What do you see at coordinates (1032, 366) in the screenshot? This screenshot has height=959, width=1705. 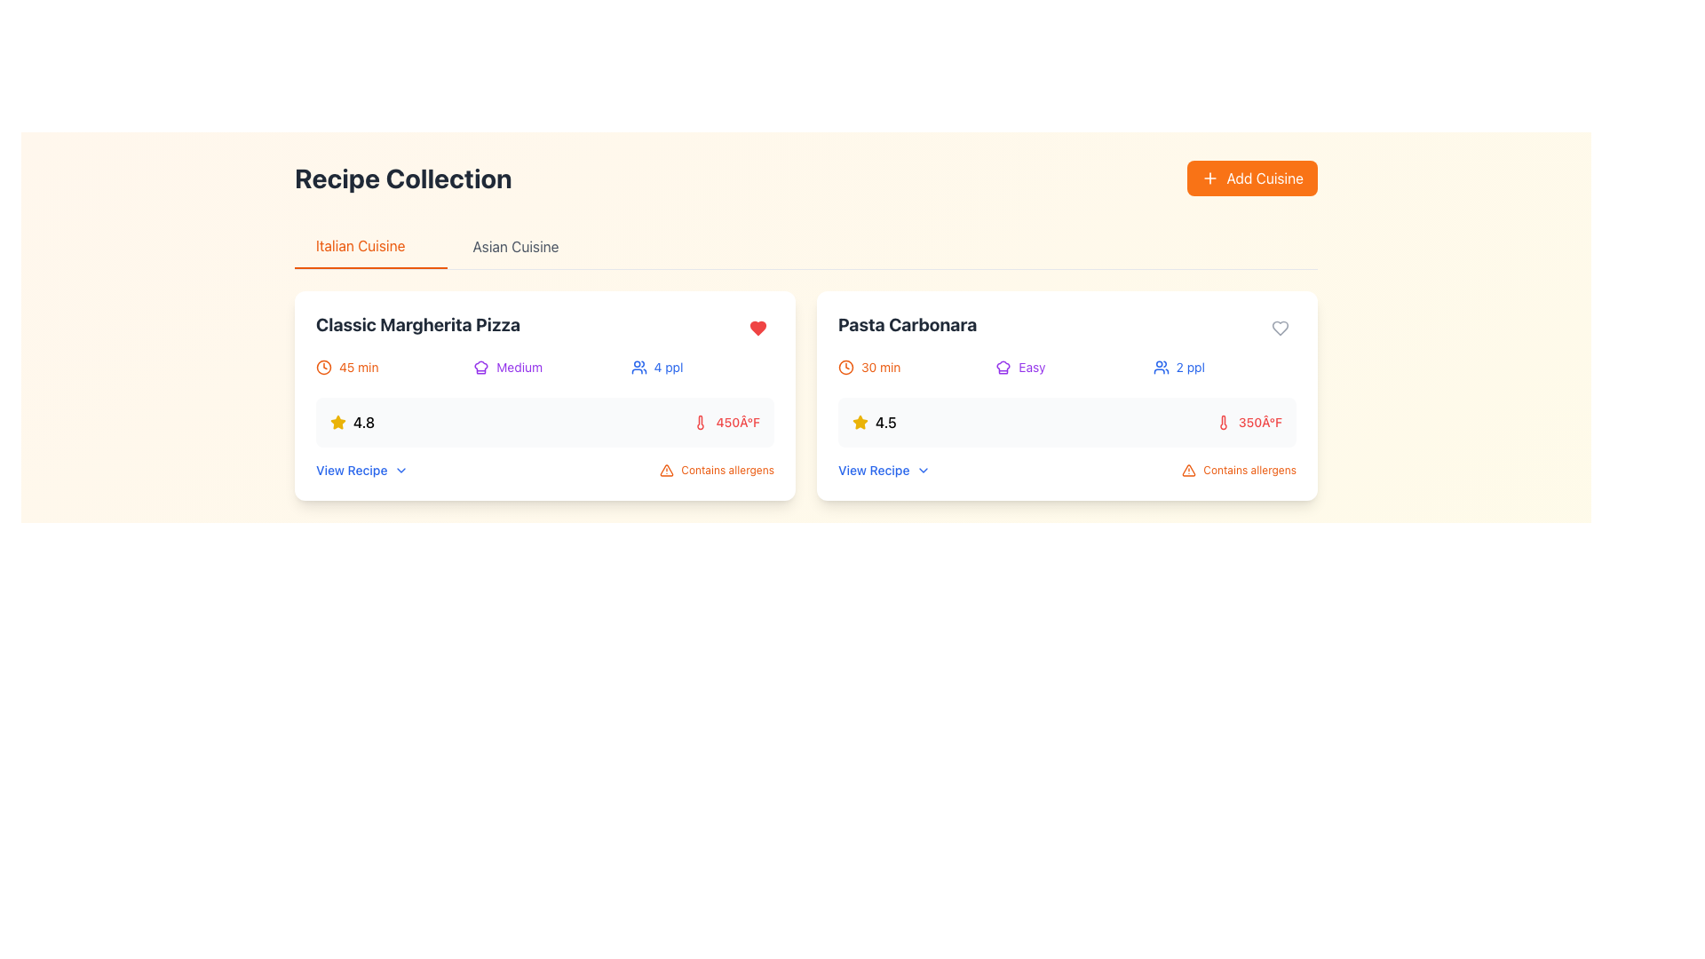 I see `the purple text label displaying 'Easy', which is located adjacent to the chef hat icon and above the text '30 min' within the second recipe card under the heading 'Pasta Carbonara'` at bounding box center [1032, 366].